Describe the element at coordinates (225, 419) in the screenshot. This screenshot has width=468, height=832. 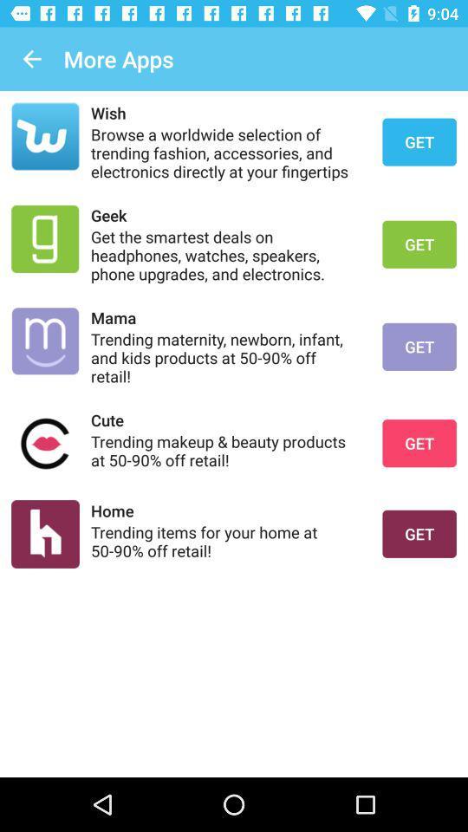
I see `item next to the get icon` at that location.